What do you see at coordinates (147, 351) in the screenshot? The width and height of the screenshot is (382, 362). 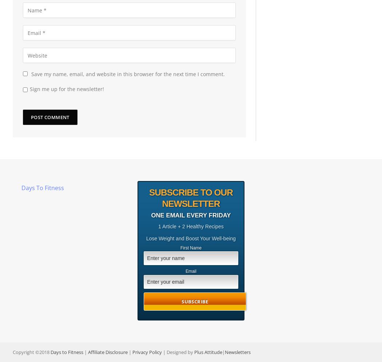 I see `'Privacy Policy'` at bounding box center [147, 351].